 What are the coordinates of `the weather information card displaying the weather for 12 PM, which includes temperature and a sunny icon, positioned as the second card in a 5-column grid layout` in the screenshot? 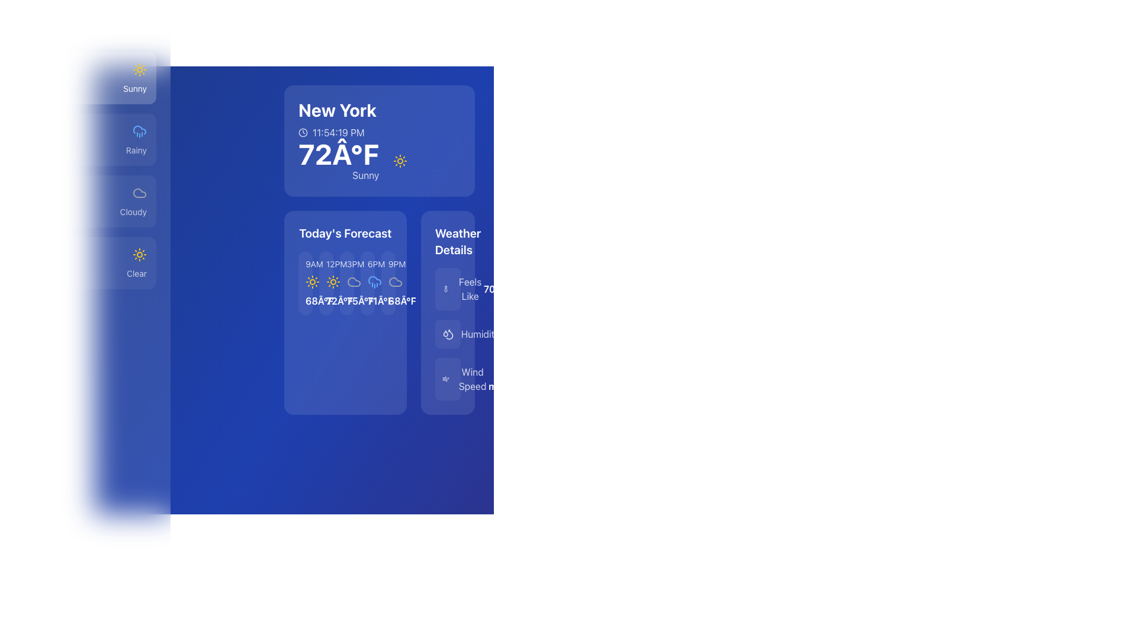 It's located at (326, 283).